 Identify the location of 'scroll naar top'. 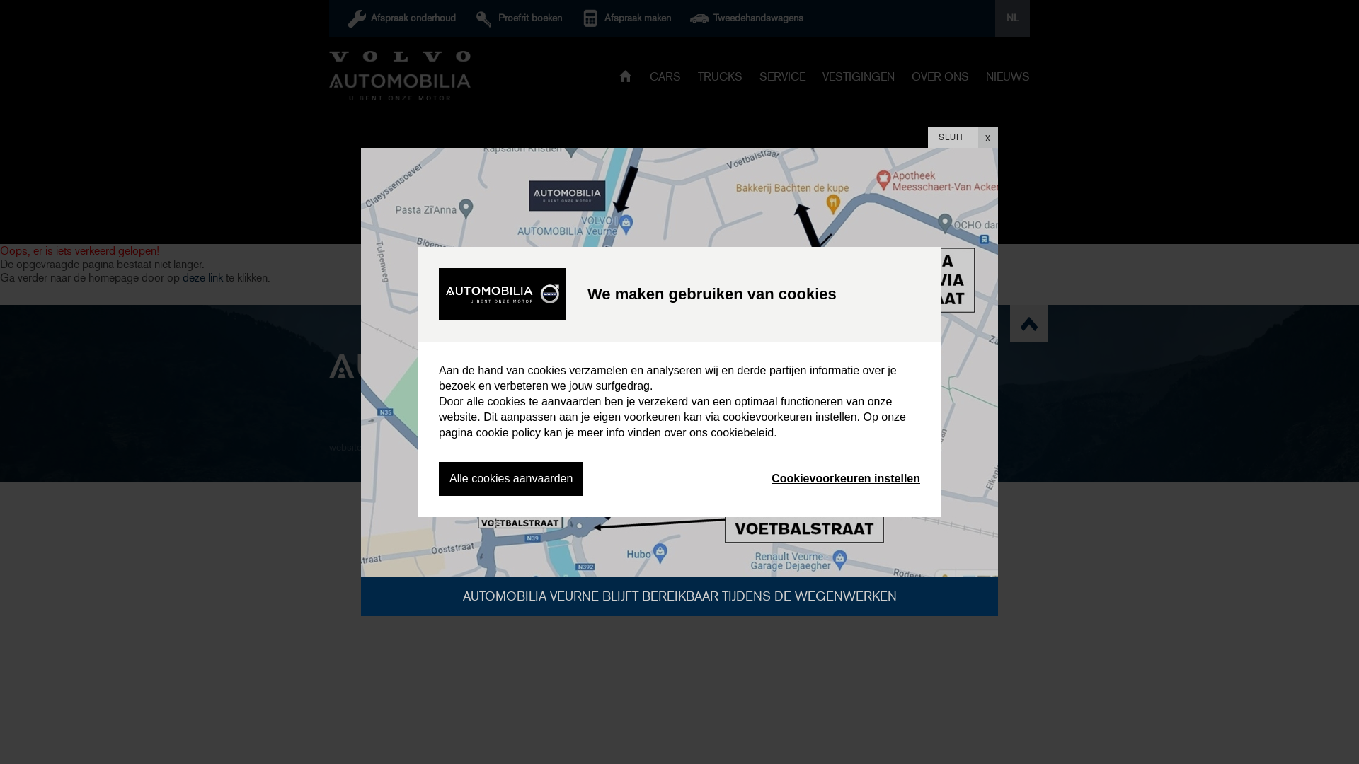
(1009, 323).